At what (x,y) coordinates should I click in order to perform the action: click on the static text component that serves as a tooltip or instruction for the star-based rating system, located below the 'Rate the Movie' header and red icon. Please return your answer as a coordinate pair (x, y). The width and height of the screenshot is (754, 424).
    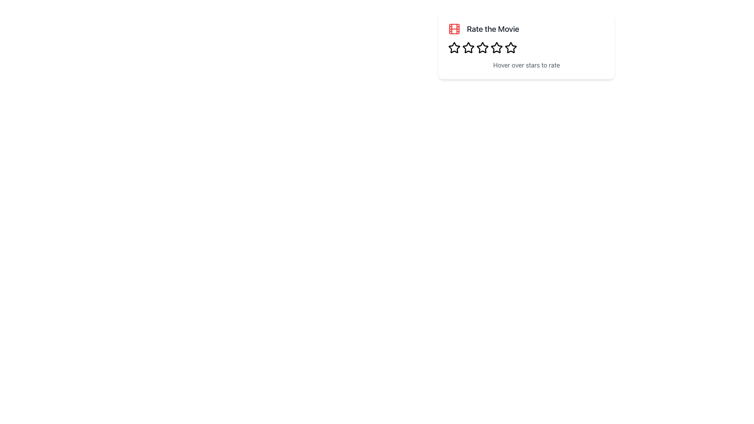
    Looking at the image, I should click on (526, 64).